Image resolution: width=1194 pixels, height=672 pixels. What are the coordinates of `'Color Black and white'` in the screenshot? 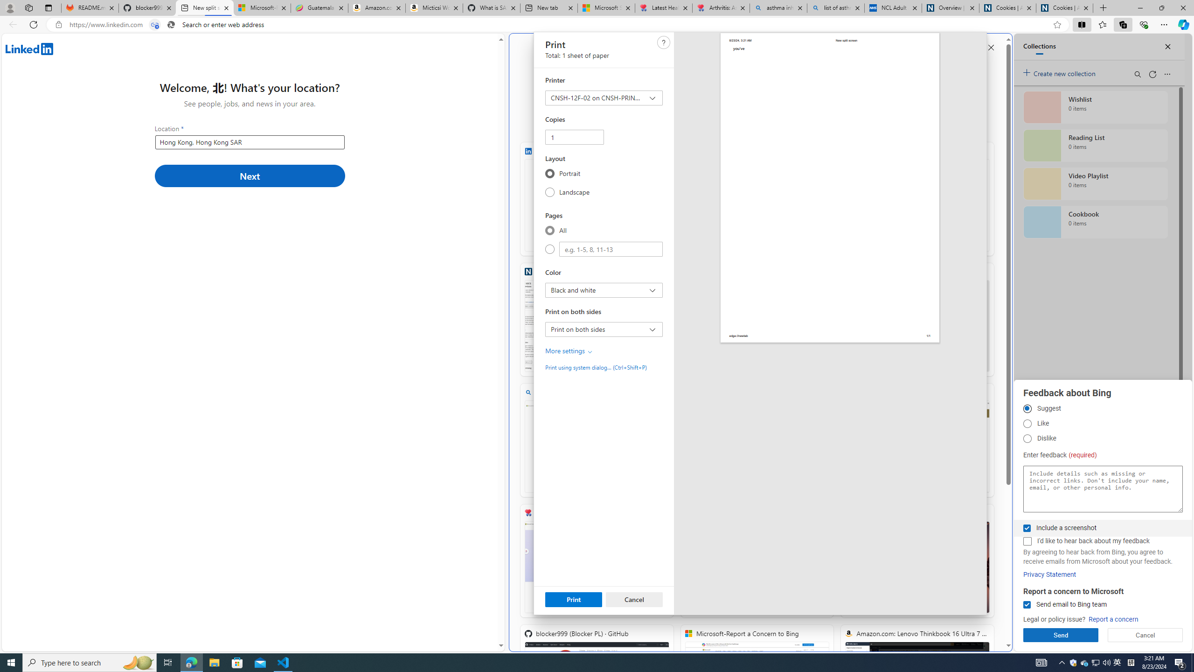 It's located at (604, 290).